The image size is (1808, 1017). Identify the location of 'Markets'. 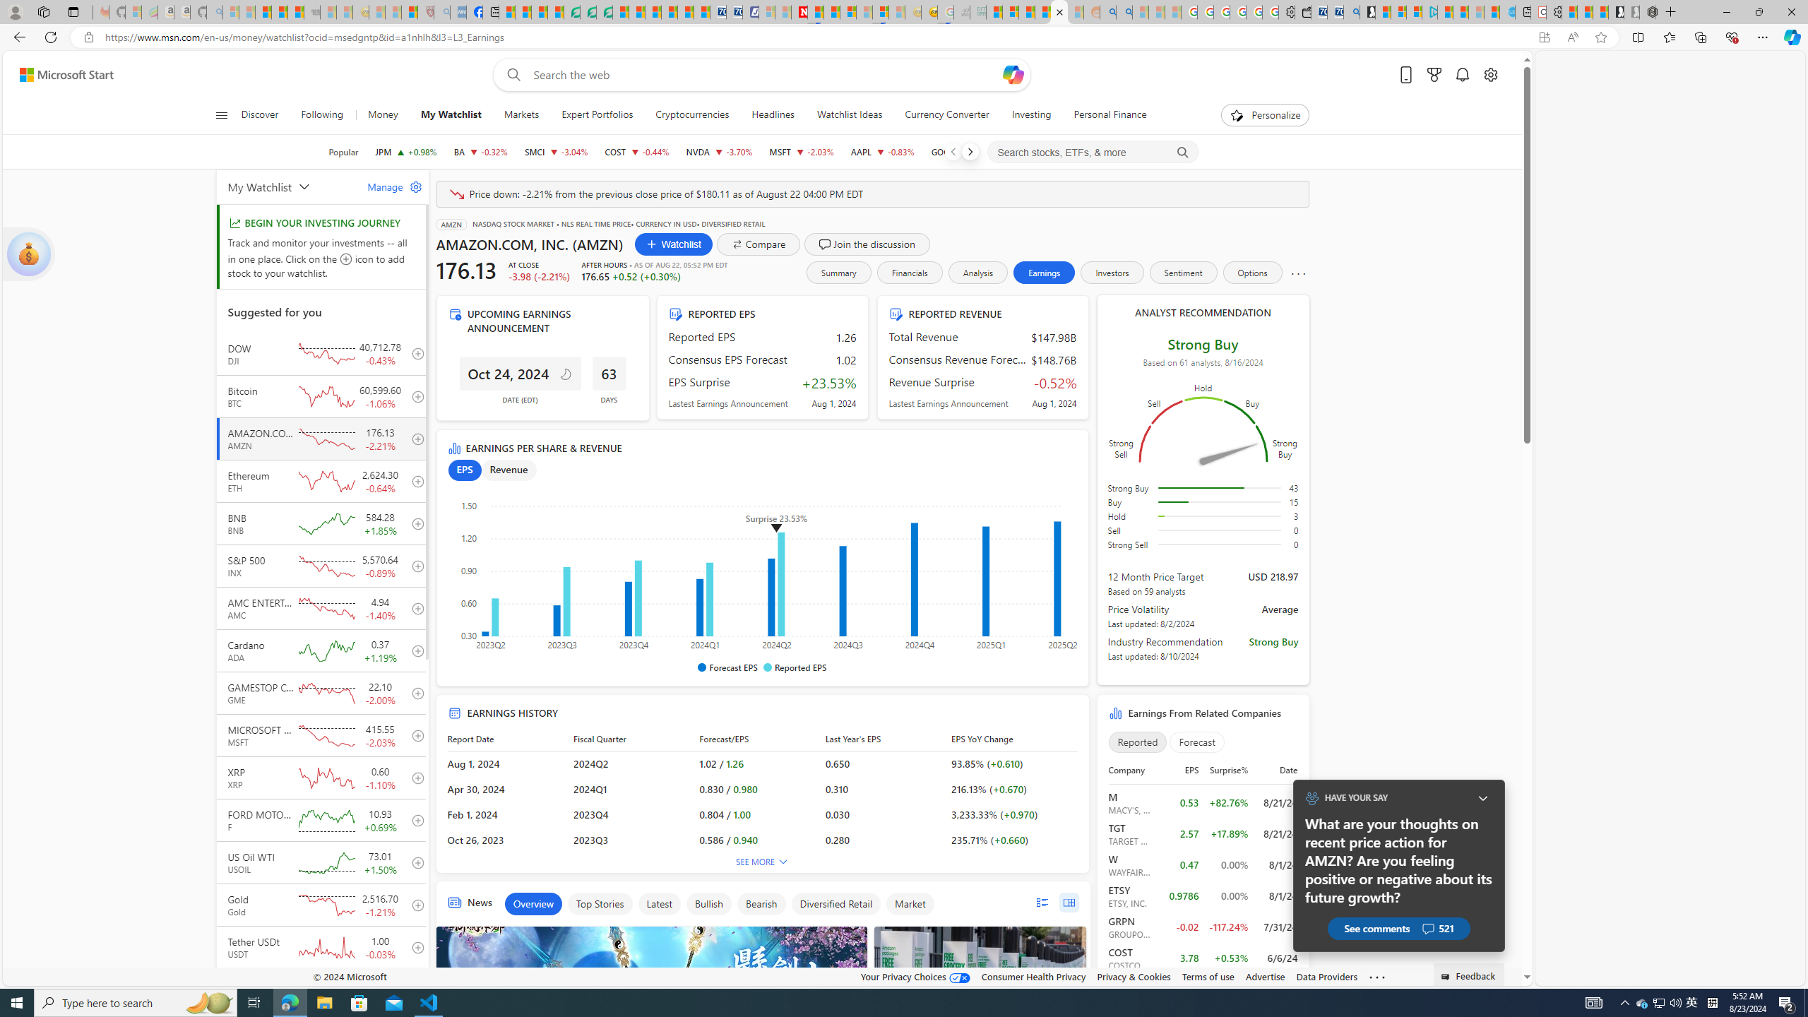
(521, 114).